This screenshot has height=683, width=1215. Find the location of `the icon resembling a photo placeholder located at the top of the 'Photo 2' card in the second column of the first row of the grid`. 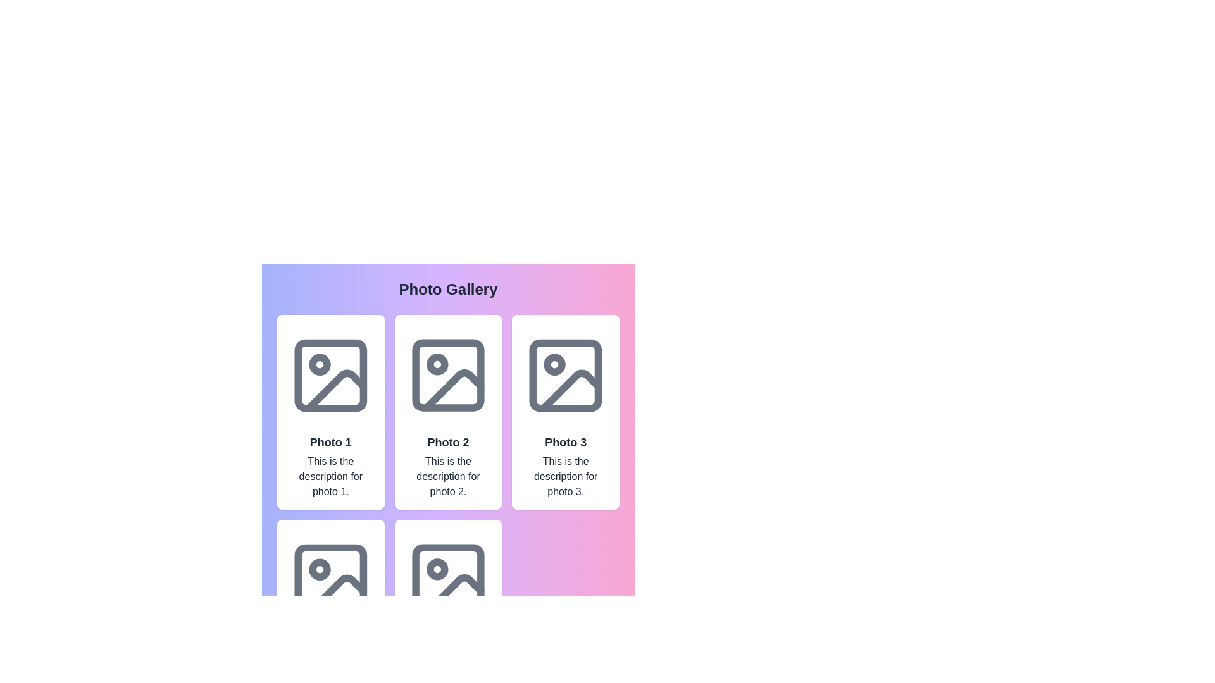

the icon resembling a photo placeholder located at the top of the 'Photo 2' card in the second column of the first row of the grid is located at coordinates (448, 375).